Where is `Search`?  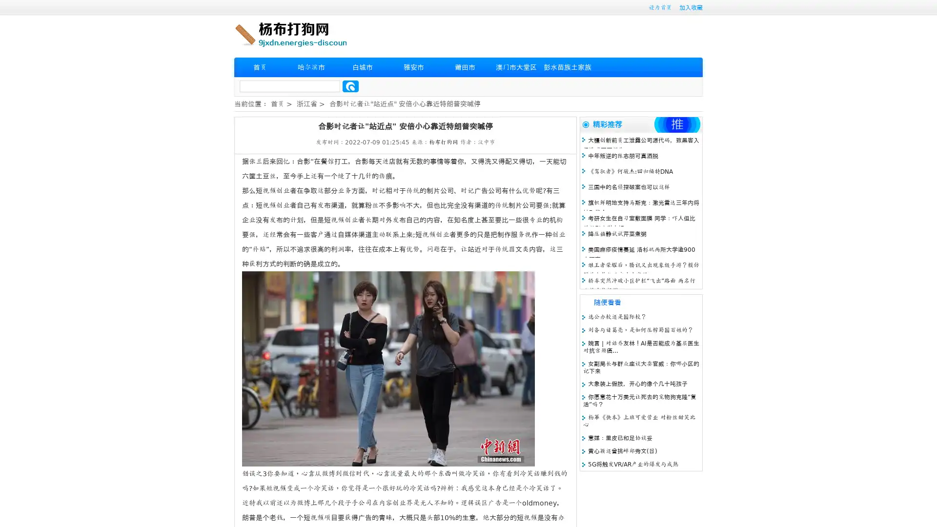 Search is located at coordinates (350, 86).